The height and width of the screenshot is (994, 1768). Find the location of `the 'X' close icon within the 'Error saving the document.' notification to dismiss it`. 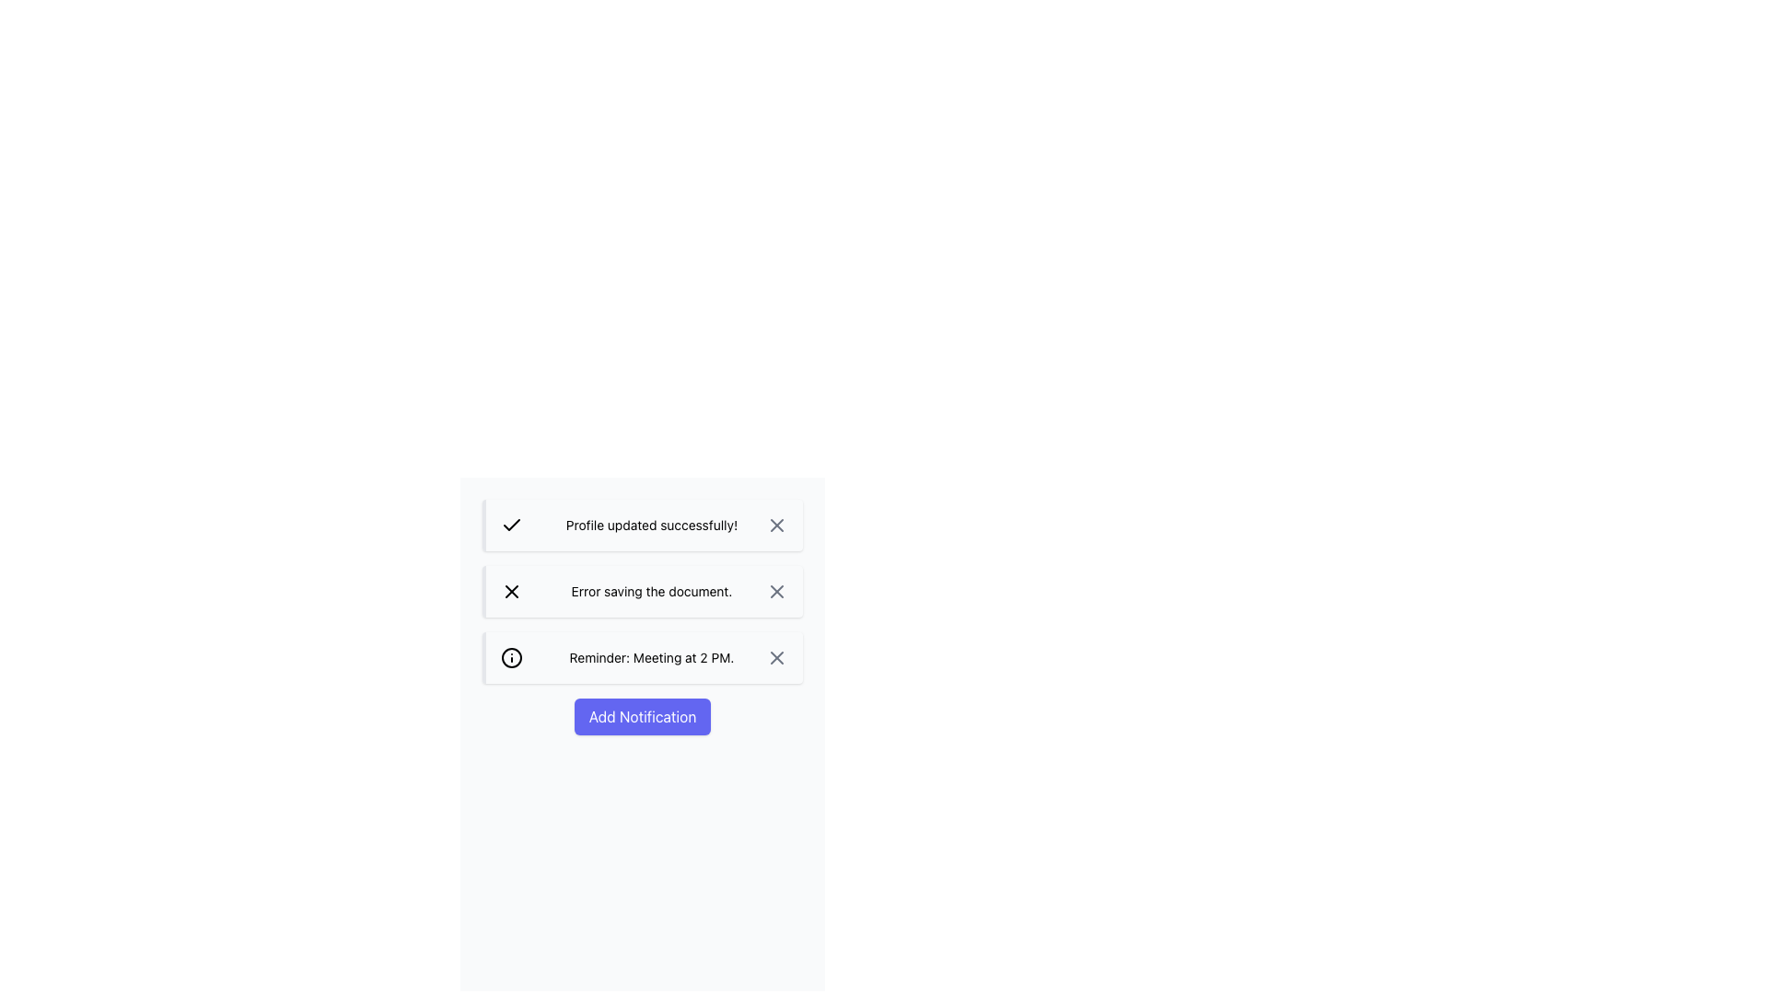

the 'X' close icon within the 'Error saving the document.' notification to dismiss it is located at coordinates (777, 592).